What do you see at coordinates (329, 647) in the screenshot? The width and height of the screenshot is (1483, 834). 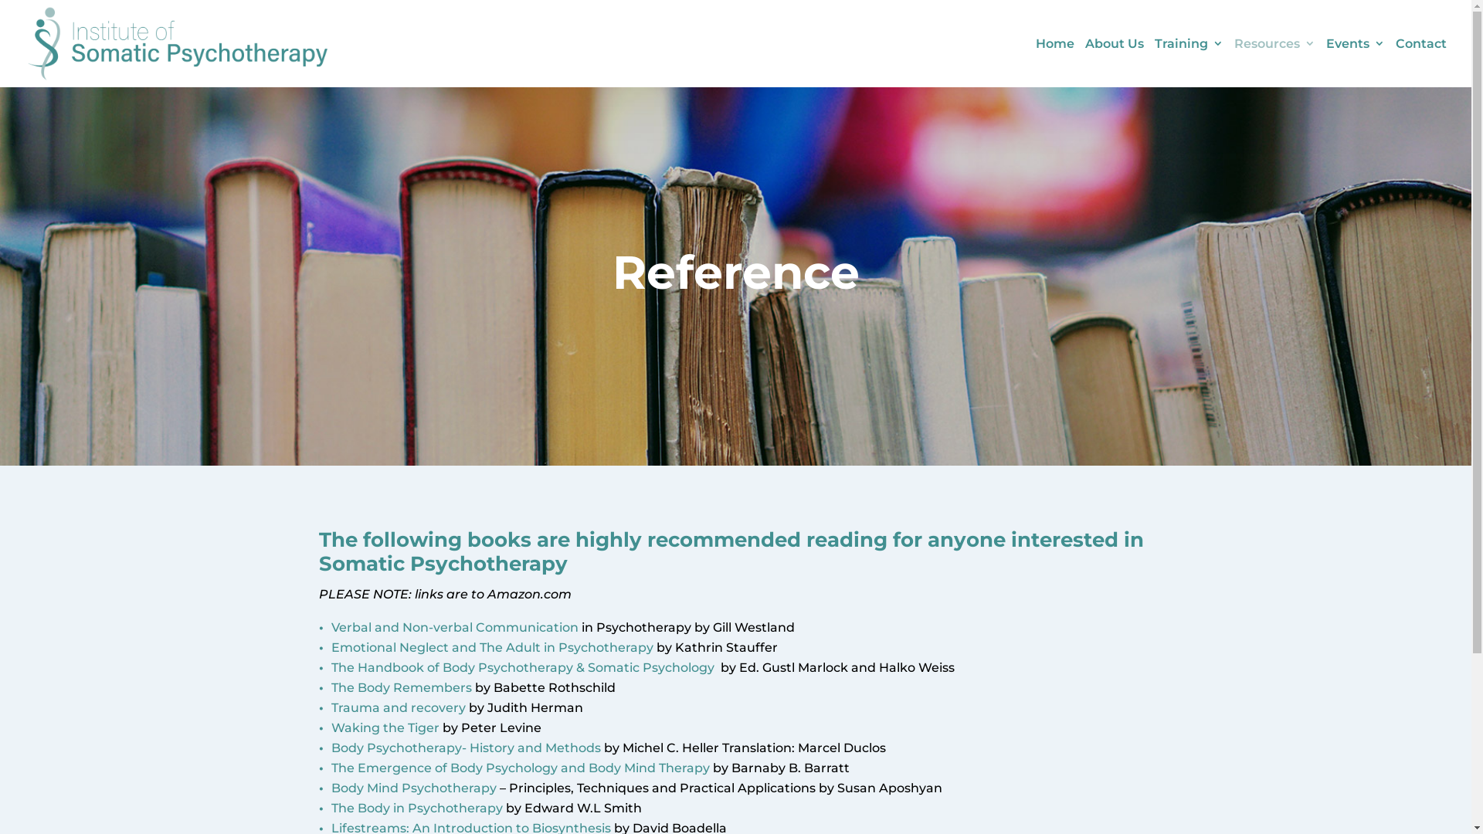 I see `'Emotional Neglect and The Adult in Psychotherapy'` at bounding box center [329, 647].